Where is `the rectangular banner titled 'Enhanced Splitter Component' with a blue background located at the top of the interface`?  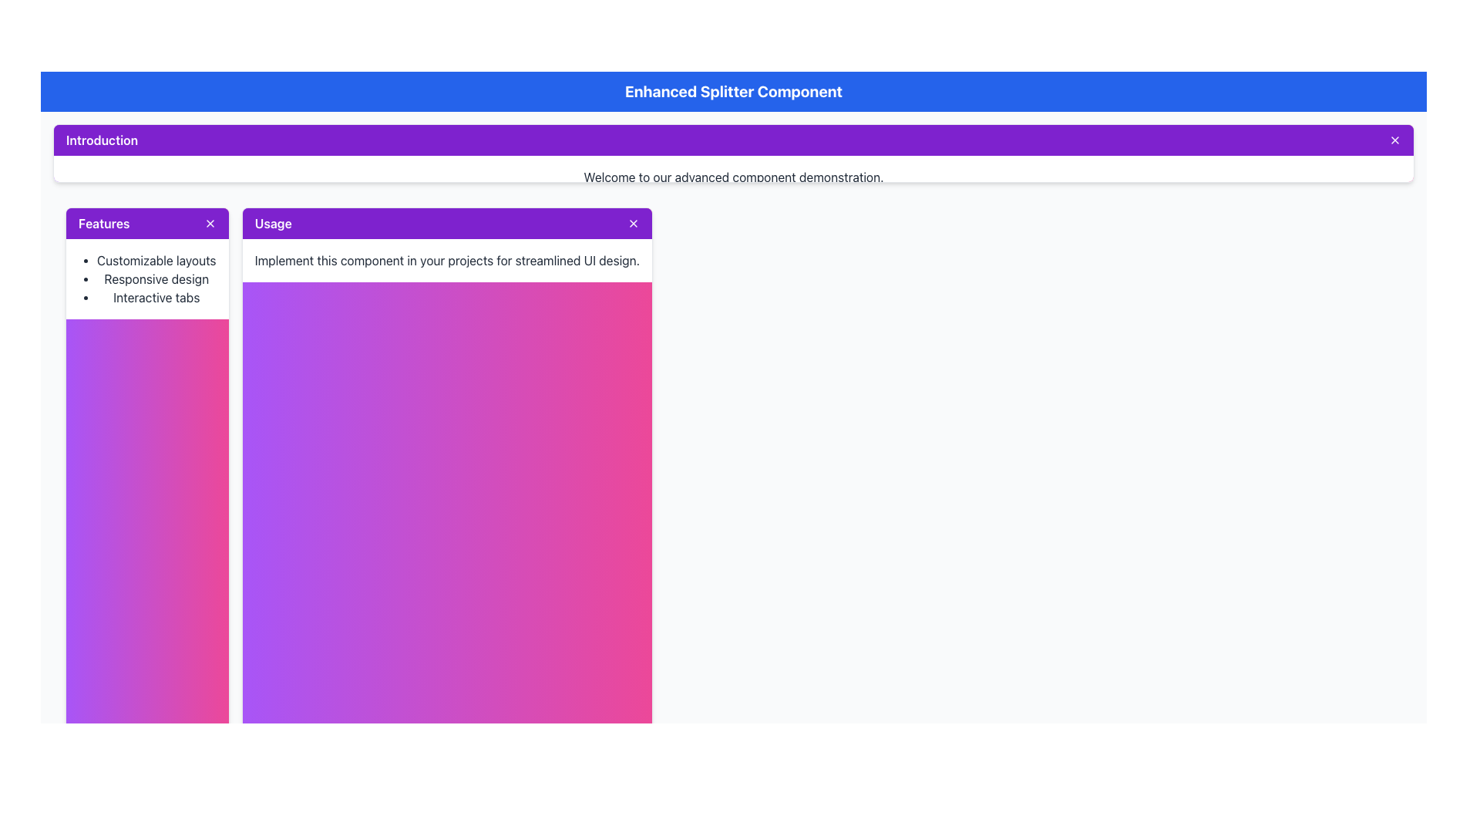 the rectangular banner titled 'Enhanced Splitter Component' with a blue background located at the top of the interface is located at coordinates (732, 92).